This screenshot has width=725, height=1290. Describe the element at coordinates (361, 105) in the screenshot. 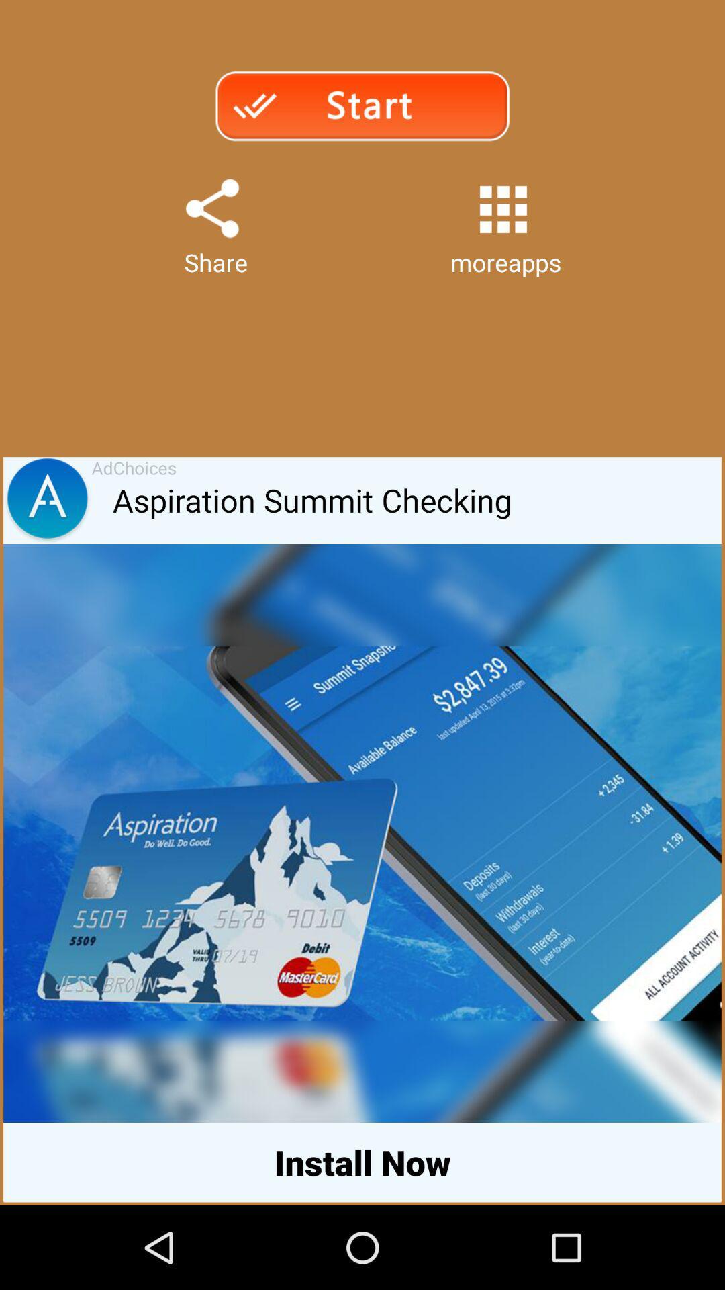

I see `the icon at the top` at that location.